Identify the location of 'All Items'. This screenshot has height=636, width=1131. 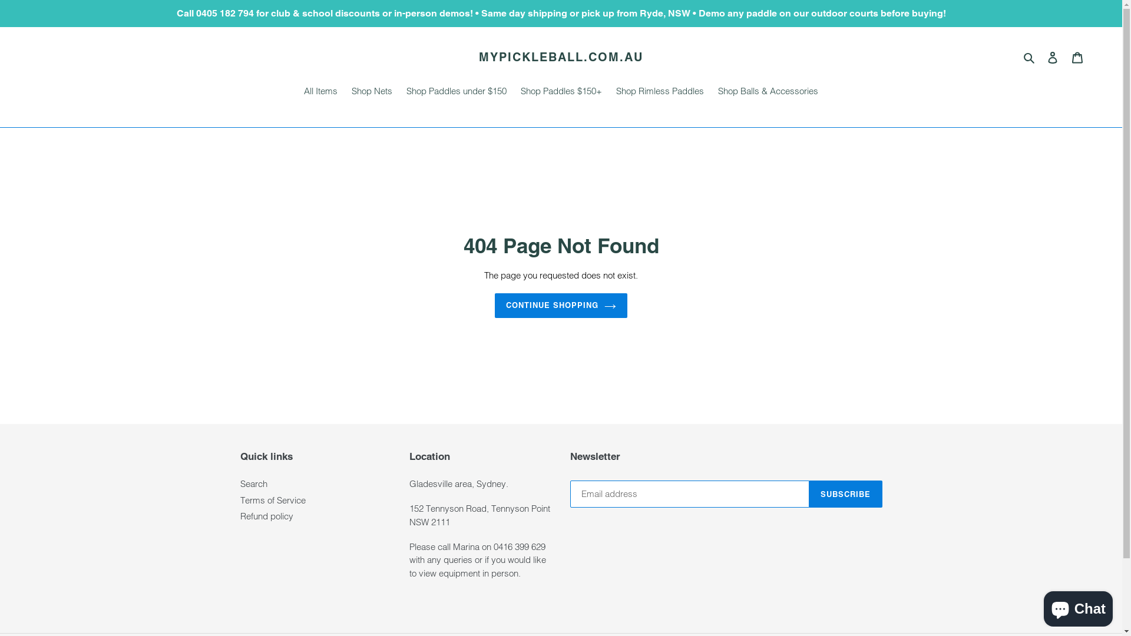
(320, 92).